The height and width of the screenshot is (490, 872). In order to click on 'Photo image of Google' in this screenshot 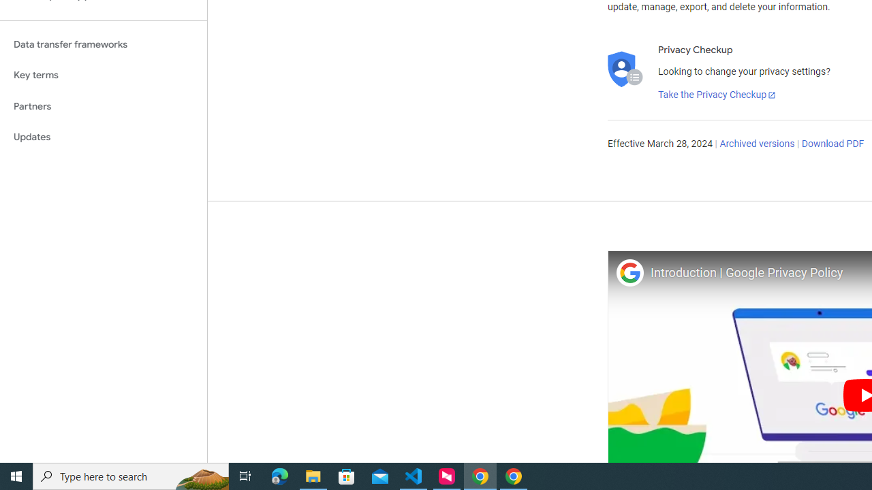, I will do `click(629, 272)`.